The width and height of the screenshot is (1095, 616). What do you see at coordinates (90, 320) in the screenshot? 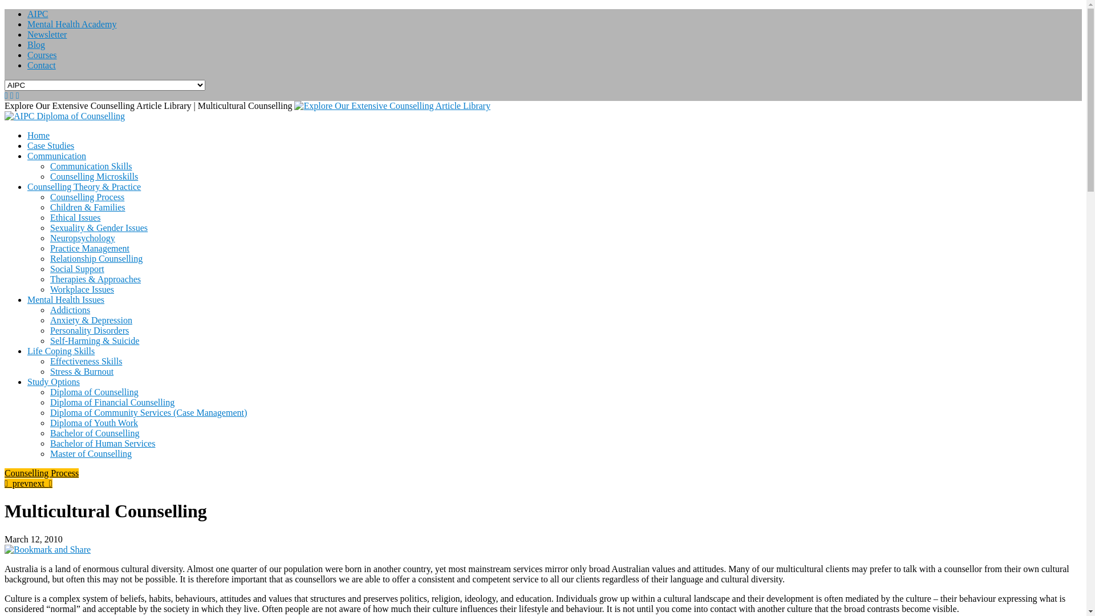
I see `'Anxiety & Depression'` at bounding box center [90, 320].